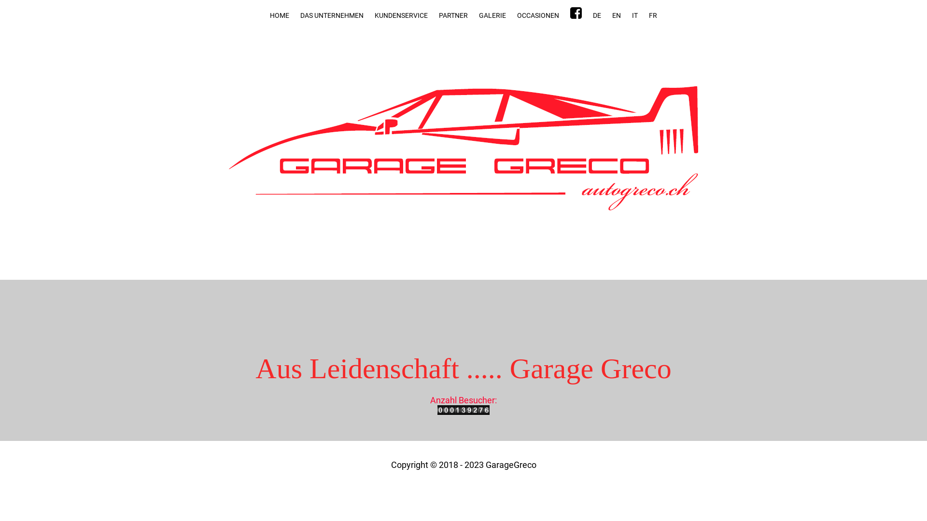 The image size is (927, 521). I want to click on 'GALERIE', so click(492, 15).